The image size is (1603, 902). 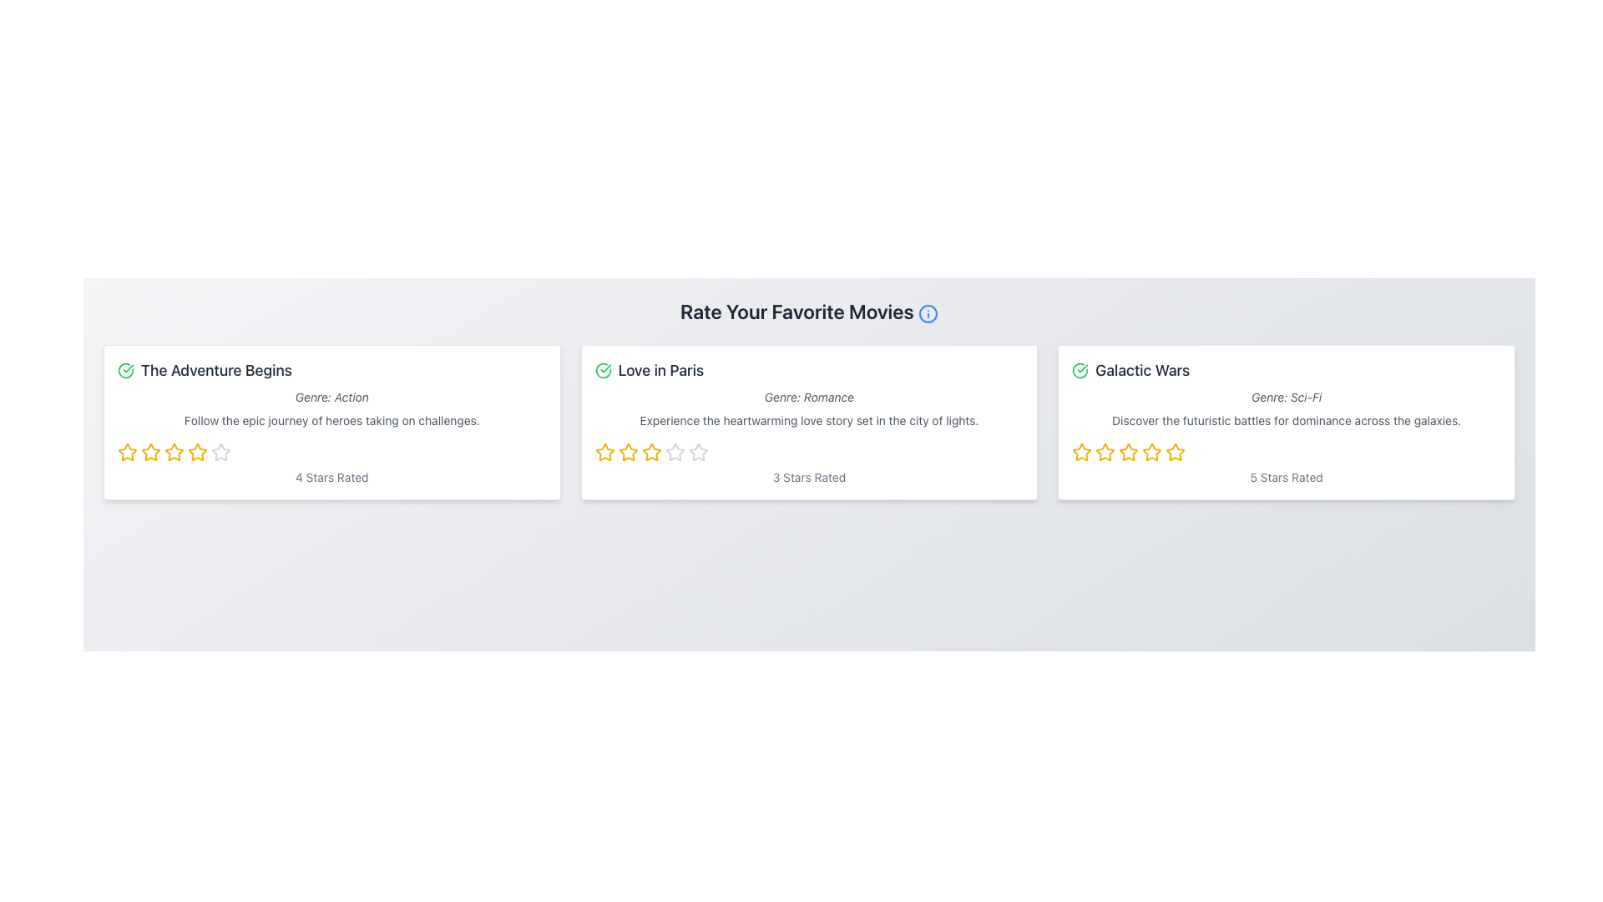 I want to click on the first interactive star icon in the rating bar for the movie 'Galactic Wars', so click(x=1082, y=453).